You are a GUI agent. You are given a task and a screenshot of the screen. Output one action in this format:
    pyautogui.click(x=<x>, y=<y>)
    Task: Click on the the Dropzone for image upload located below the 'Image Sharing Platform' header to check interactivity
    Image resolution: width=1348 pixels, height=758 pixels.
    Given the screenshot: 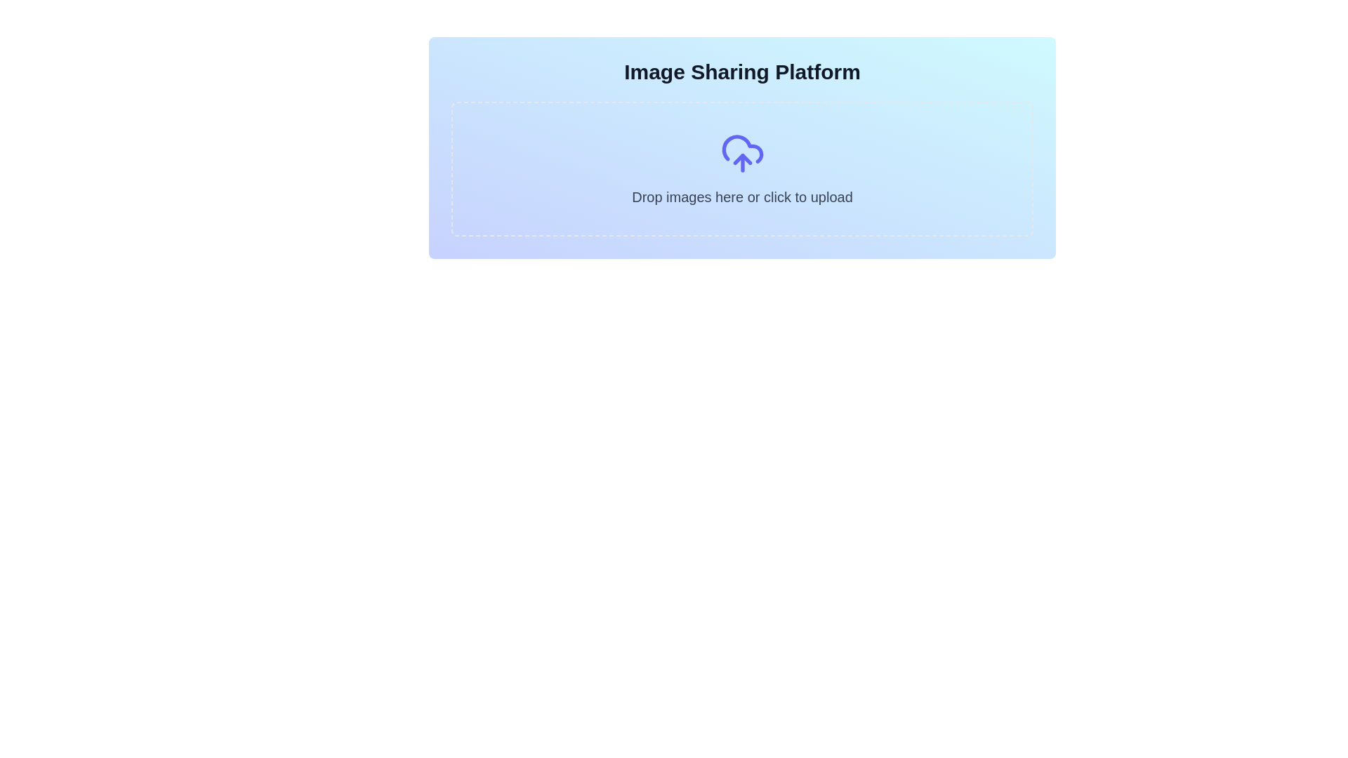 What is the action you would take?
    pyautogui.click(x=741, y=168)
    